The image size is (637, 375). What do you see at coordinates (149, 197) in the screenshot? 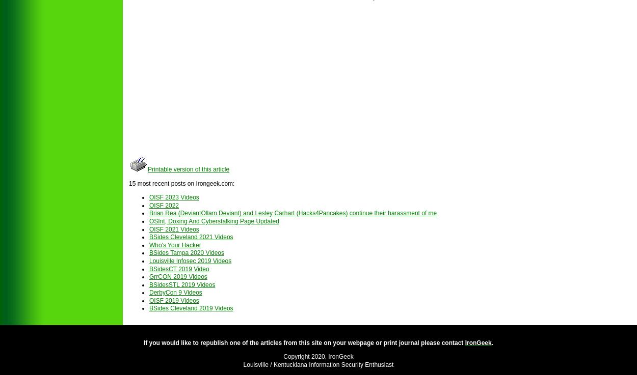
I see `'OISF 2023 Videos'` at bounding box center [149, 197].